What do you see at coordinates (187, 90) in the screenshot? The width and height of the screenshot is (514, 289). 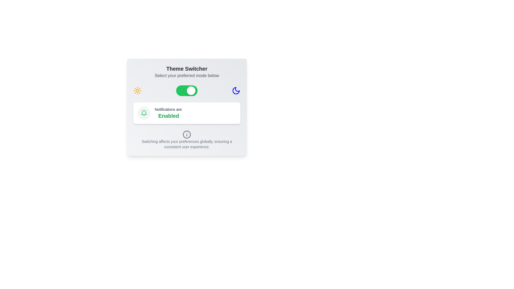 I see `the toggle switch with a rounded green background and a circular white handle located in the center of the modal, positioned between an orange sun icon and a blue moon icon in the 'Theme Switcher' section for potential visual feedback` at bounding box center [187, 90].